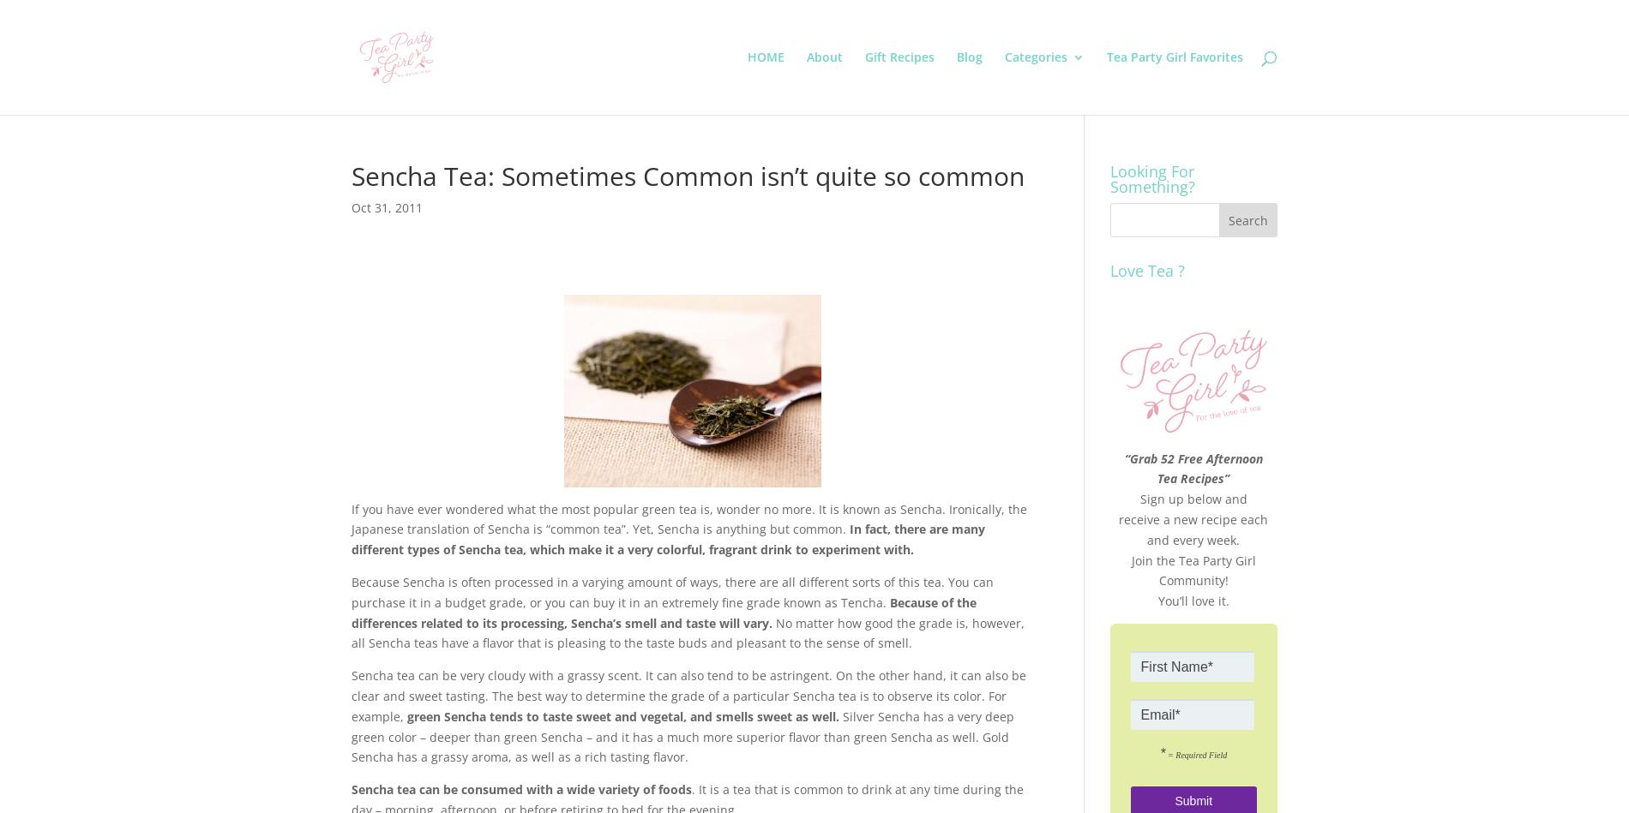 The height and width of the screenshot is (813, 1629). I want to click on 'Sencha tea can be very cloudy with a grassy scent. It can also tend to be astringent. On the other hand, it can also be clear and sweet tasting. The best way to determine the grade of a particular Sencha tea is to observe its color. For example,', so click(688, 694).